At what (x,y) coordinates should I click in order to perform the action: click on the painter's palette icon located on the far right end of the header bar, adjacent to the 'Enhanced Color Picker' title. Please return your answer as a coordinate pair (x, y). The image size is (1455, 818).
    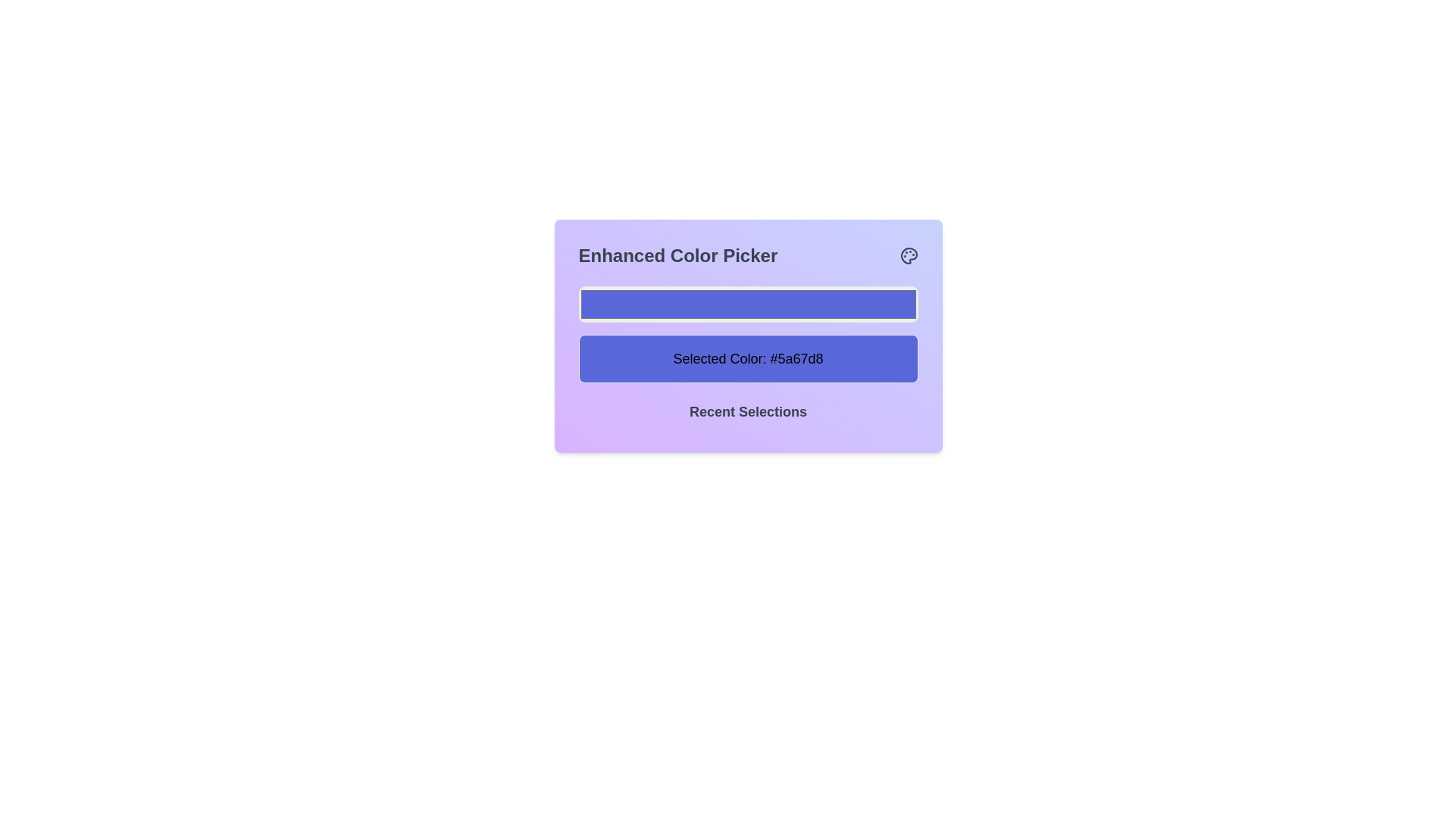
    Looking at the image, I should click on (909, 255).